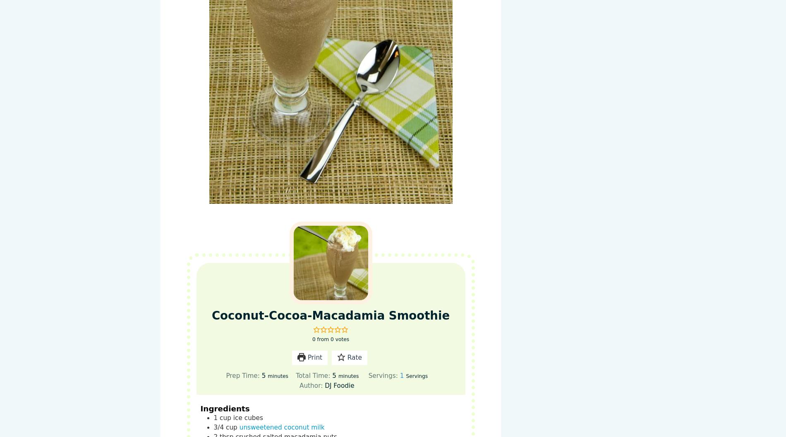 The image size is (786, 437). Describe the element at coordinates (330, 315) in the screenshot. I see `'Coconut-Cocoa-Macadamia Smoothie'` at that location.